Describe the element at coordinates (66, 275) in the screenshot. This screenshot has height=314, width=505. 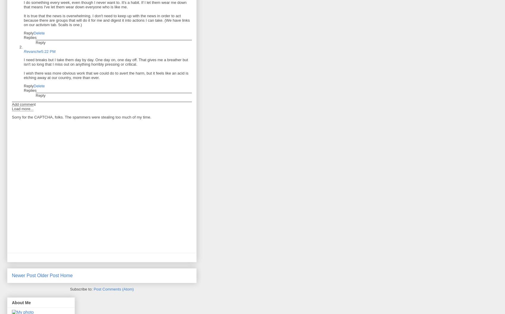
I see `'Home'` at that location.